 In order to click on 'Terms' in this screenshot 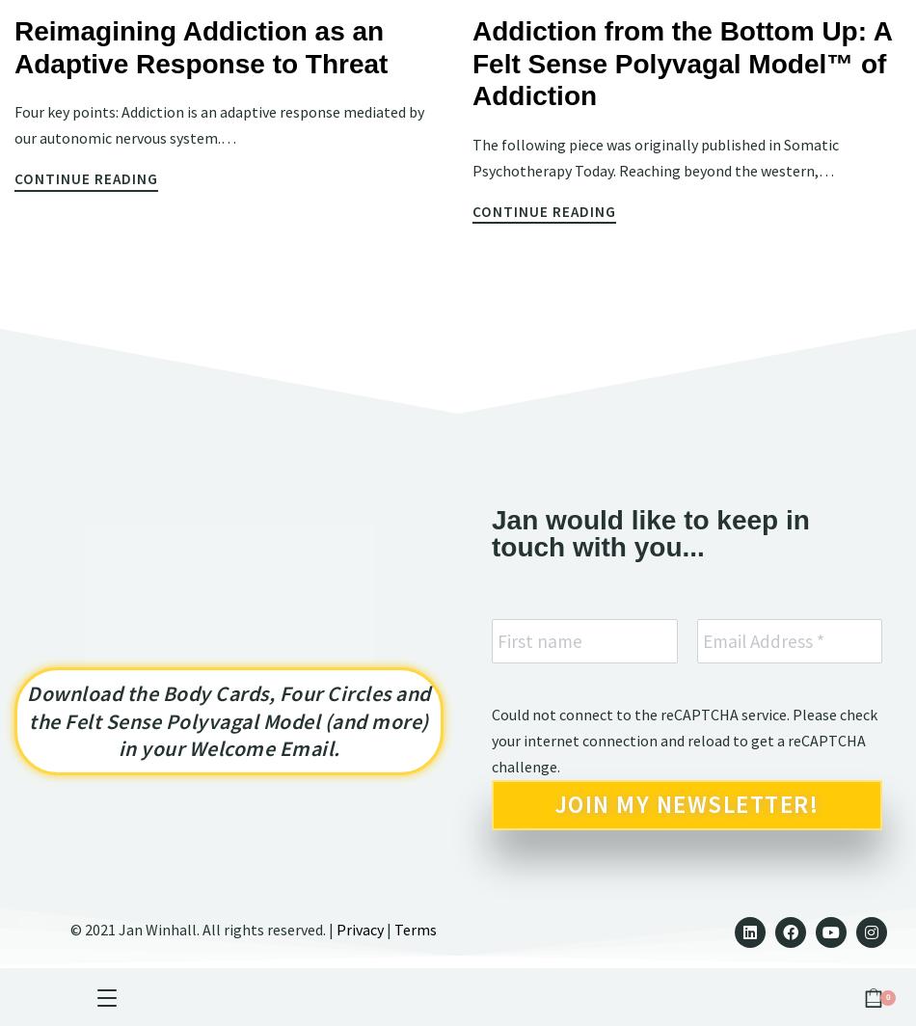, I will do `click(415, 929)`.